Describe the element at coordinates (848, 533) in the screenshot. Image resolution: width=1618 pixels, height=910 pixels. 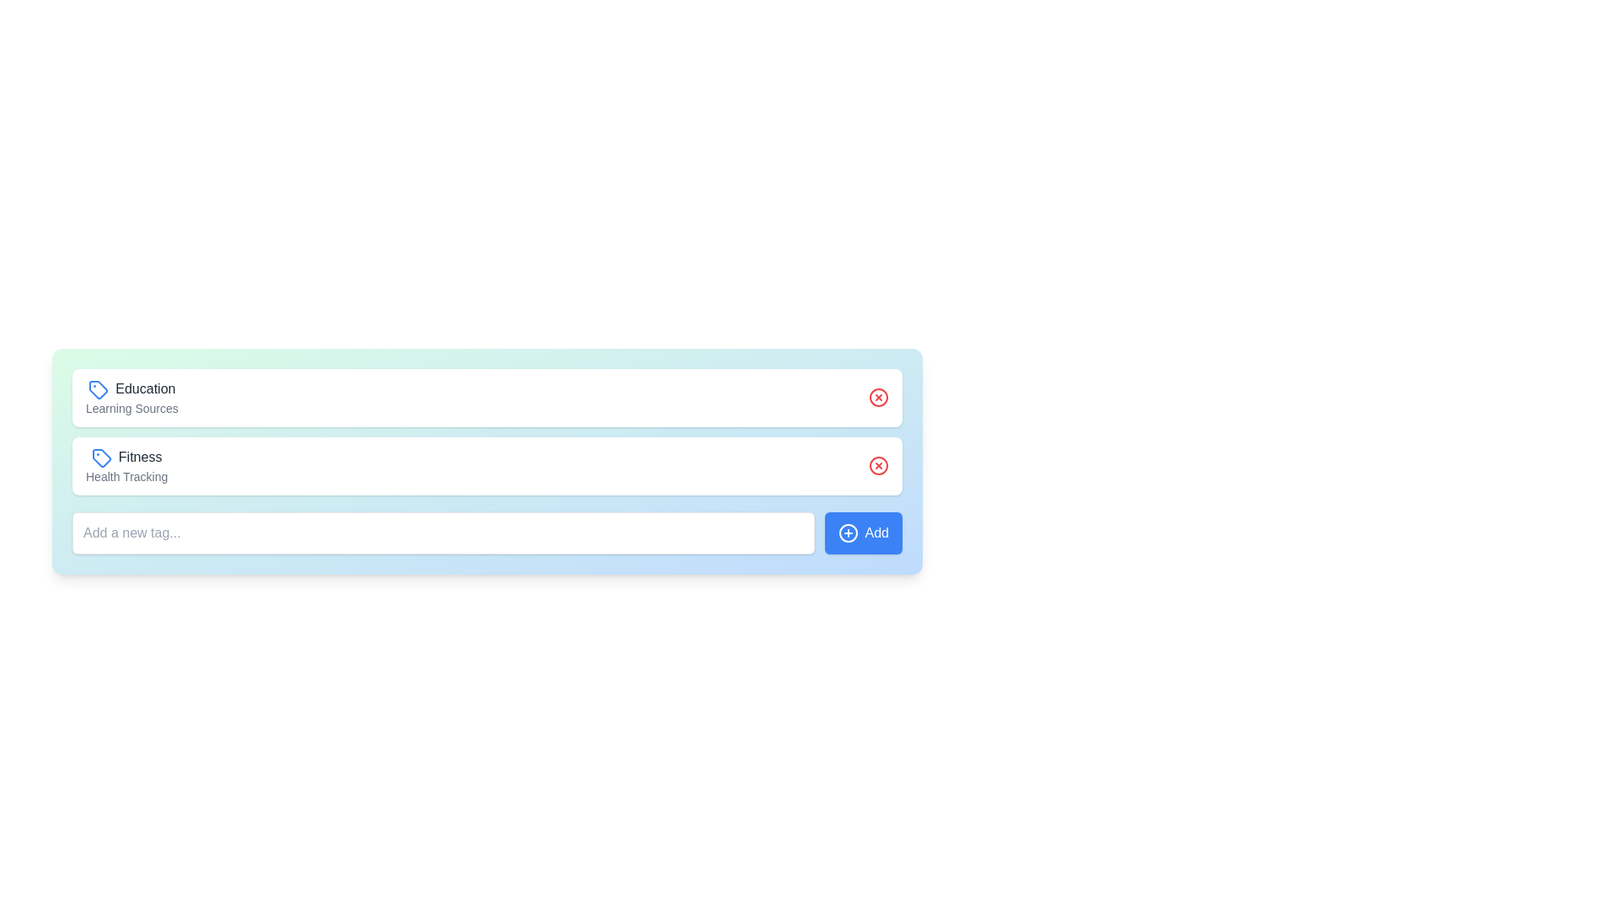
I see `the visual representation of the circle-shaped graphical component located within the SVG graphic, which is part of the interactive button labeled 'Add'` at that location.